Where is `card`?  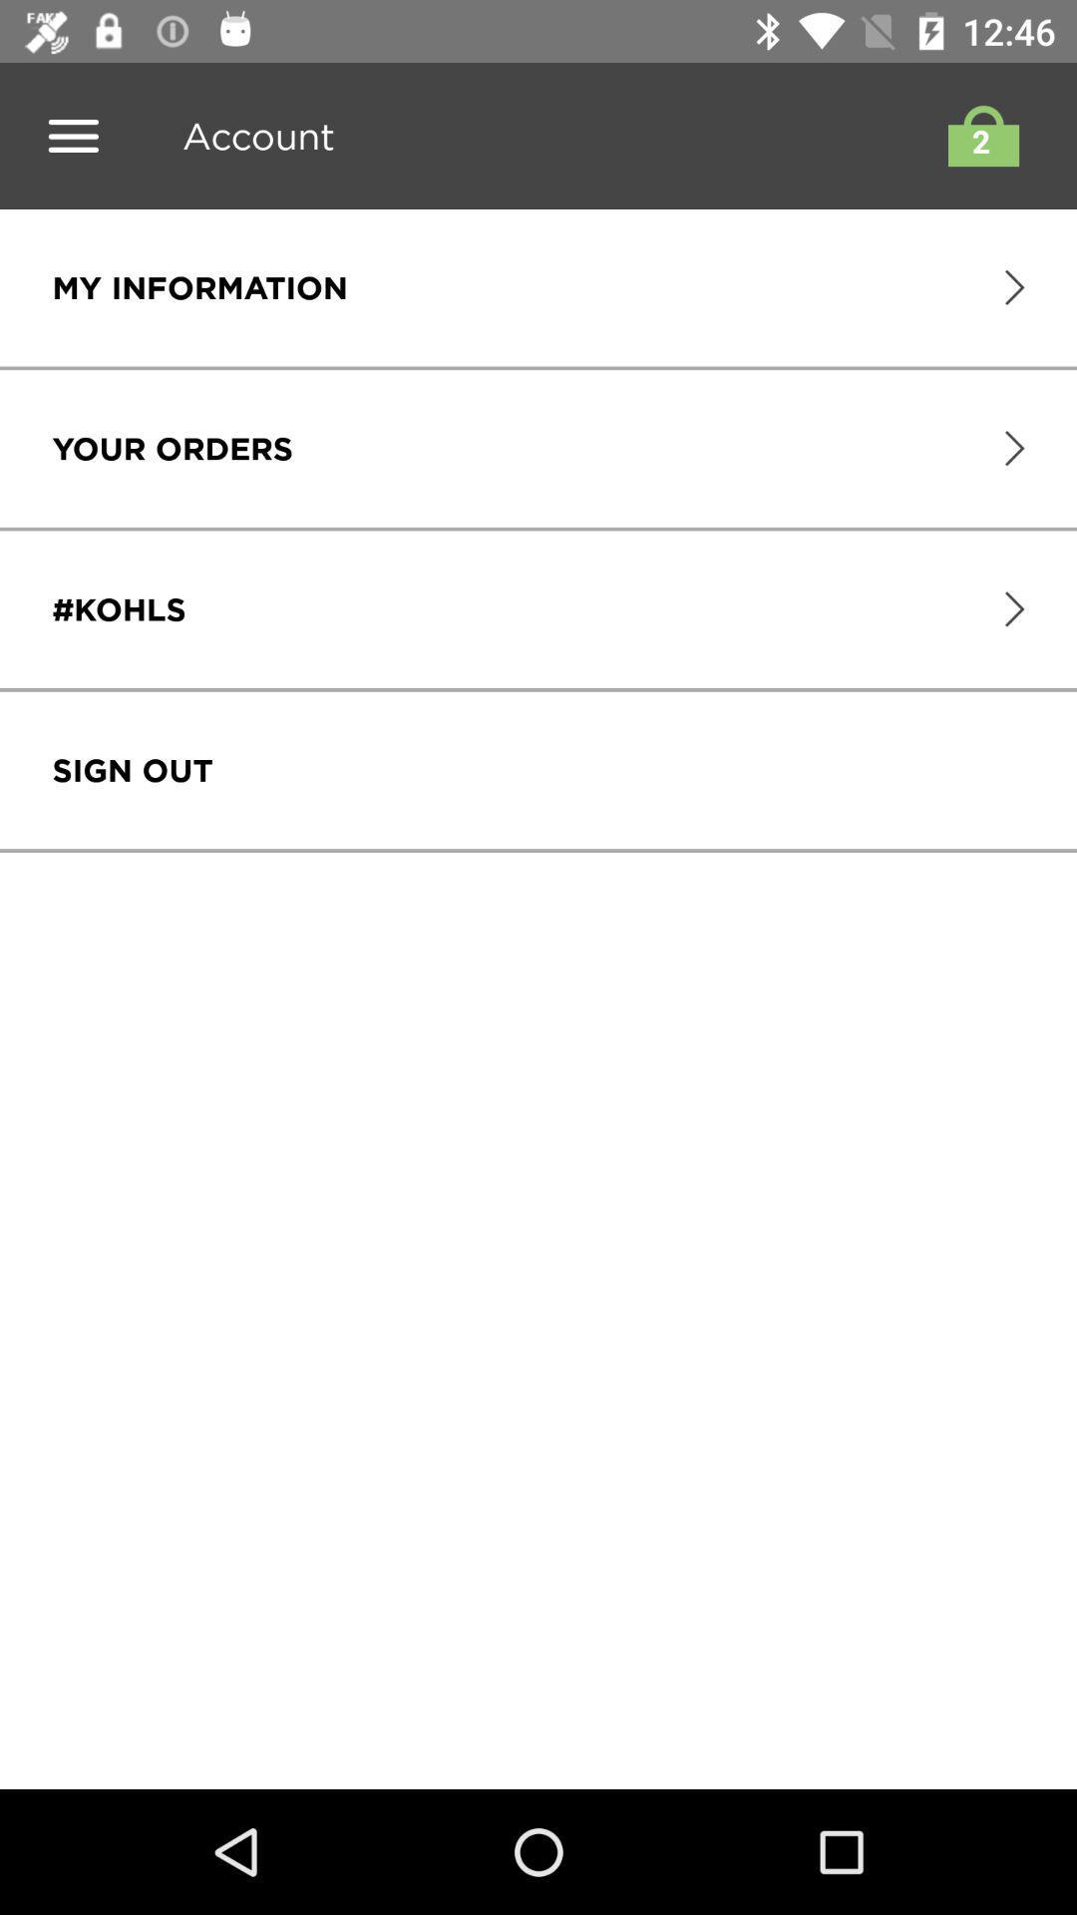 card is located at coordinates (977, 135).